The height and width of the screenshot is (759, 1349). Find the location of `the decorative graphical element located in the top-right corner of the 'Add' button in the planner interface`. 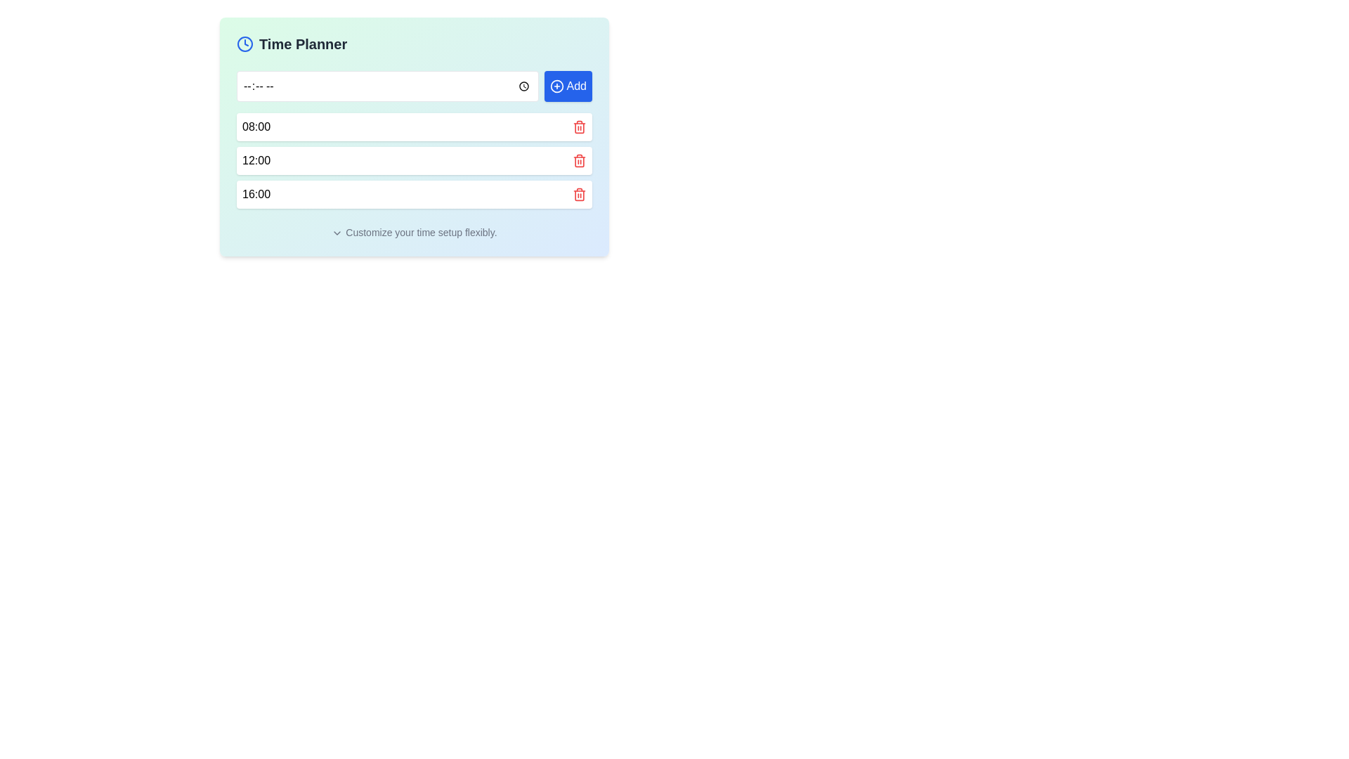

the decorative graphical element located in the top-right corner of the 'Add' button in the planner interface is located at coordinates (556, 86).